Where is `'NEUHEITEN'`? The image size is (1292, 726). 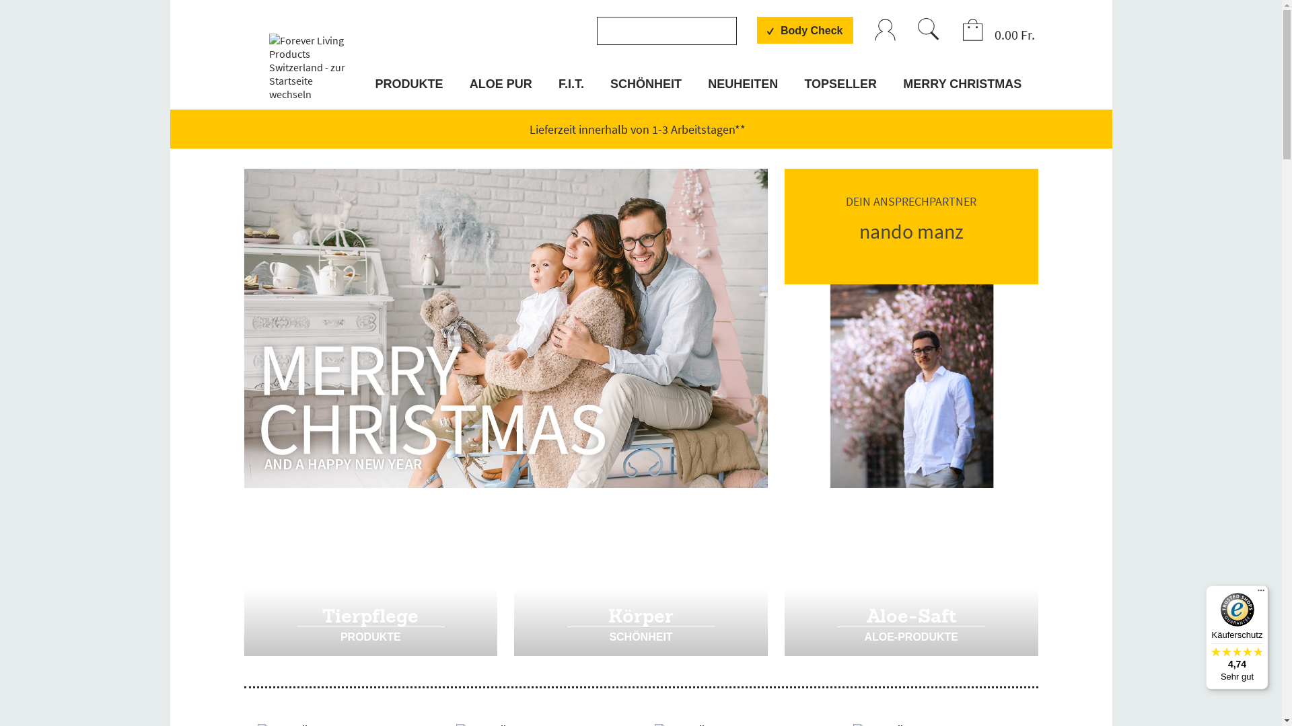
'NEUHEITEN' is located at coordinates (703, 91).